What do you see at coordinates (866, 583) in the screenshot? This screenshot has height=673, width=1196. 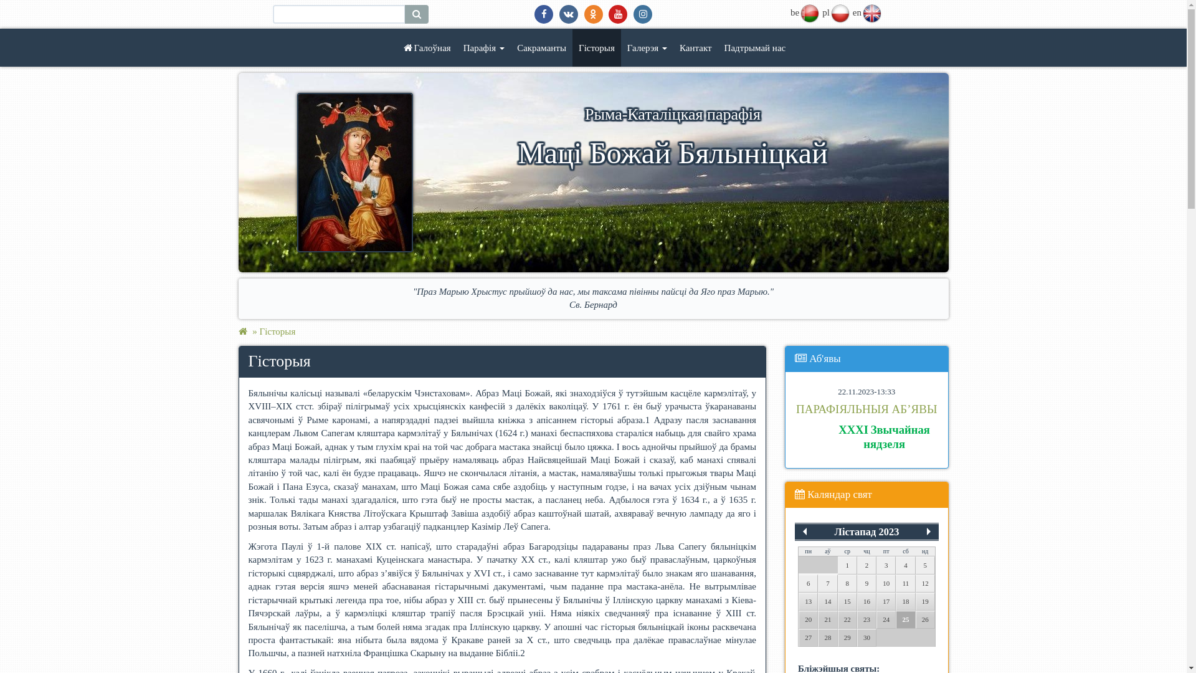 I see `'9'` at bounding box center [866, 583].